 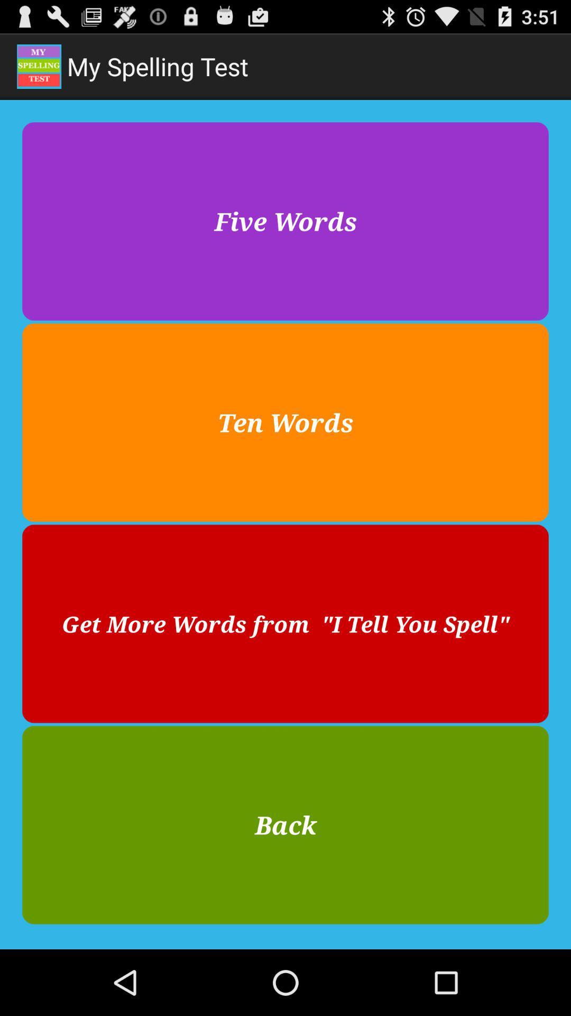 I want to click on the ten words button, so click(x=285, y=422).